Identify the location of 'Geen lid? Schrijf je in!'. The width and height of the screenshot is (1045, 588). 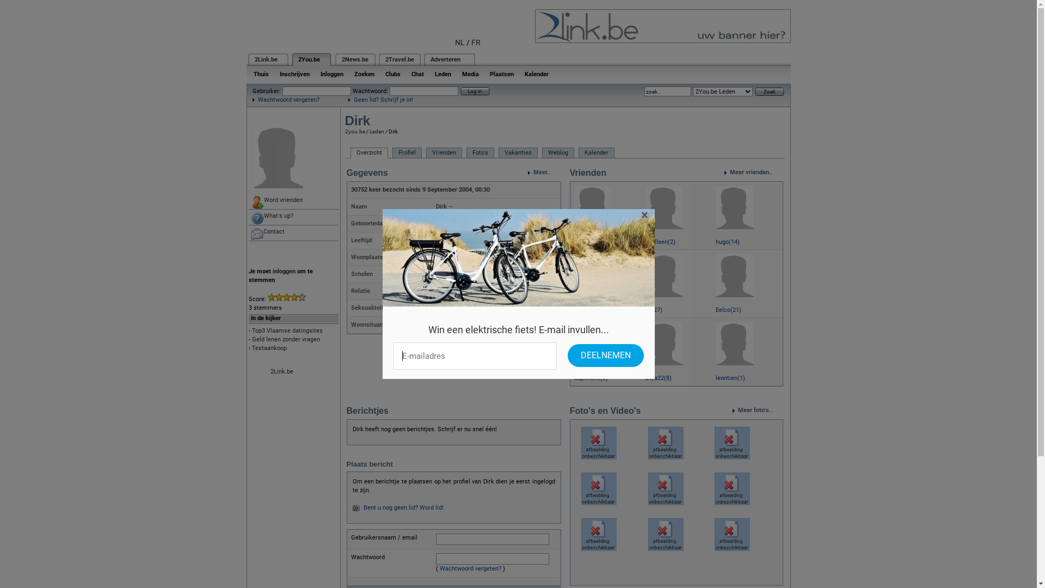
(380, 100).